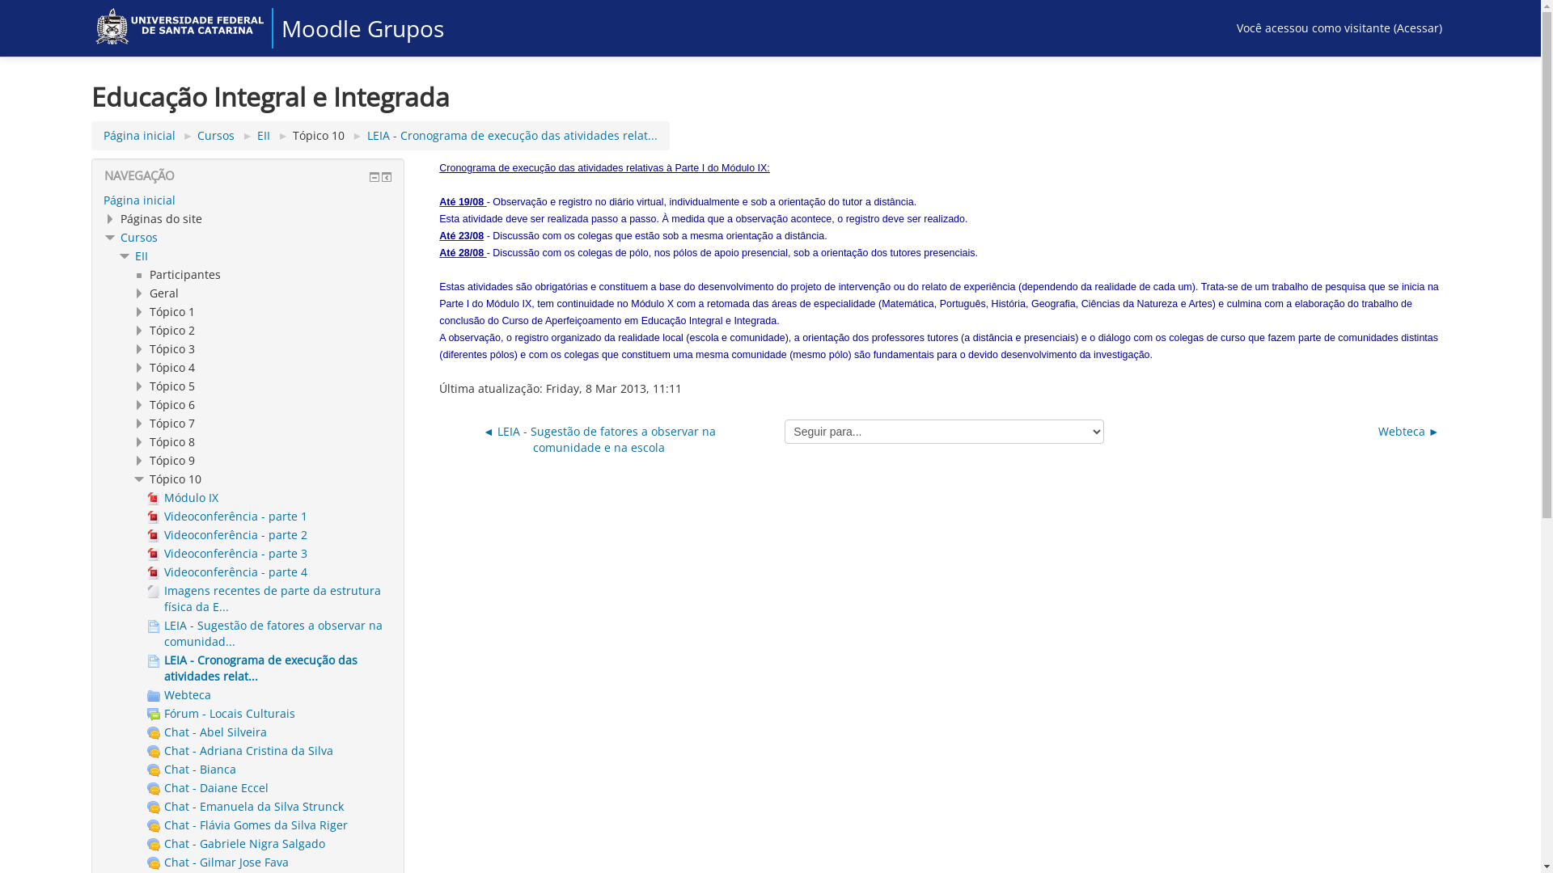 The height and width of the screenshot is (873, 1553). Describe the element at coordinates (217, 861) in the screenshot. I see `'Chat - Gilmar Jose Fava'` at that location.